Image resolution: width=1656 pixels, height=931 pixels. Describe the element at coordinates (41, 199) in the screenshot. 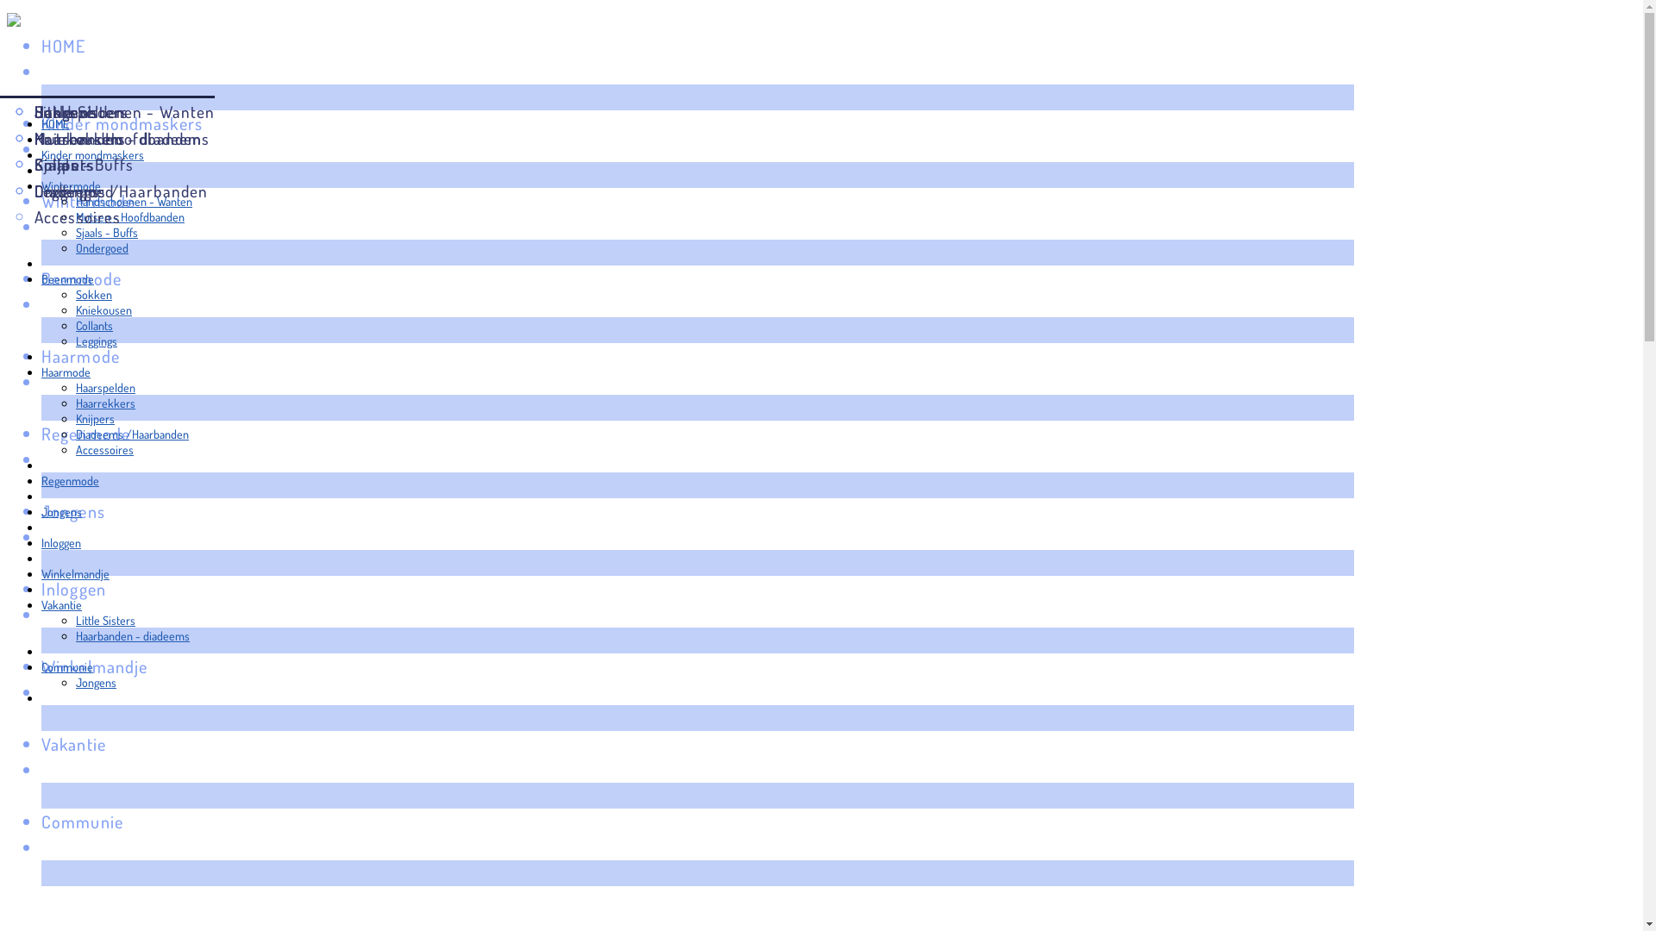

I see `'Wintermode'` at that location.